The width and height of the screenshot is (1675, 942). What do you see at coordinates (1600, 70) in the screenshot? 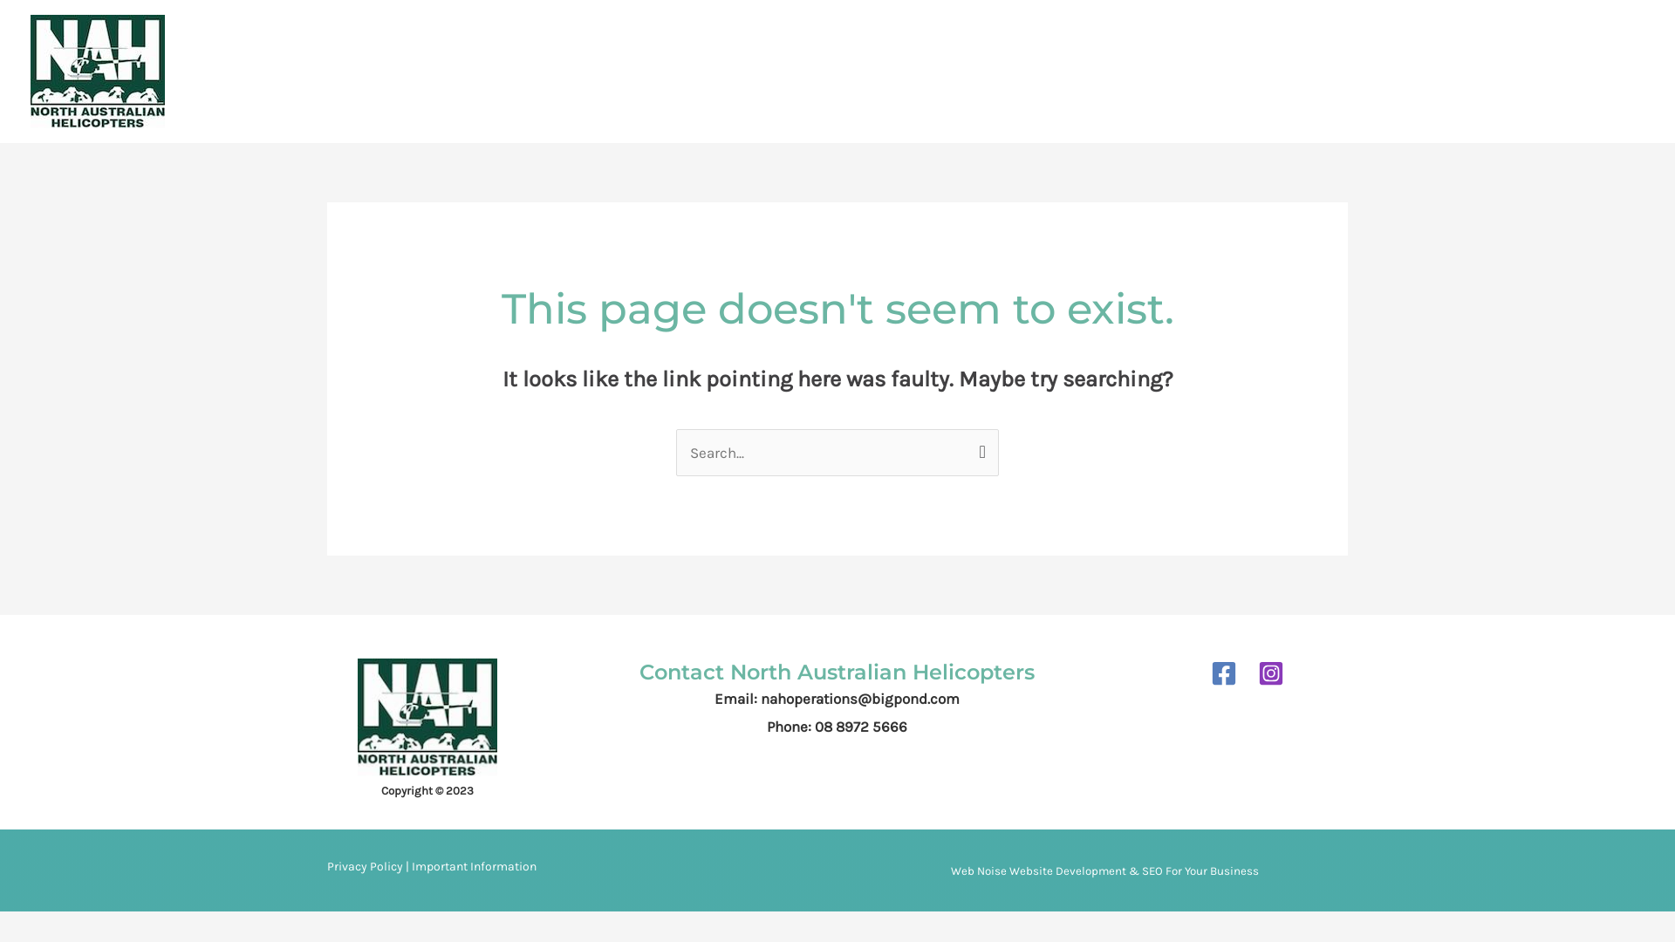
I see `'08 8972 5666'` at bounding box center [1600, 70].